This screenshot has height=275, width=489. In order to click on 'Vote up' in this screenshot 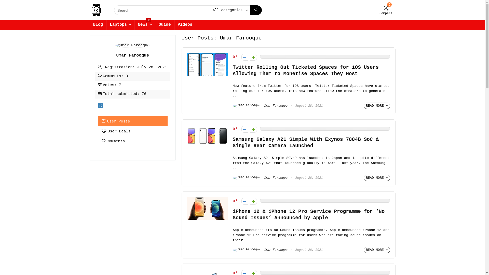, I will do `click(250, 129)`.